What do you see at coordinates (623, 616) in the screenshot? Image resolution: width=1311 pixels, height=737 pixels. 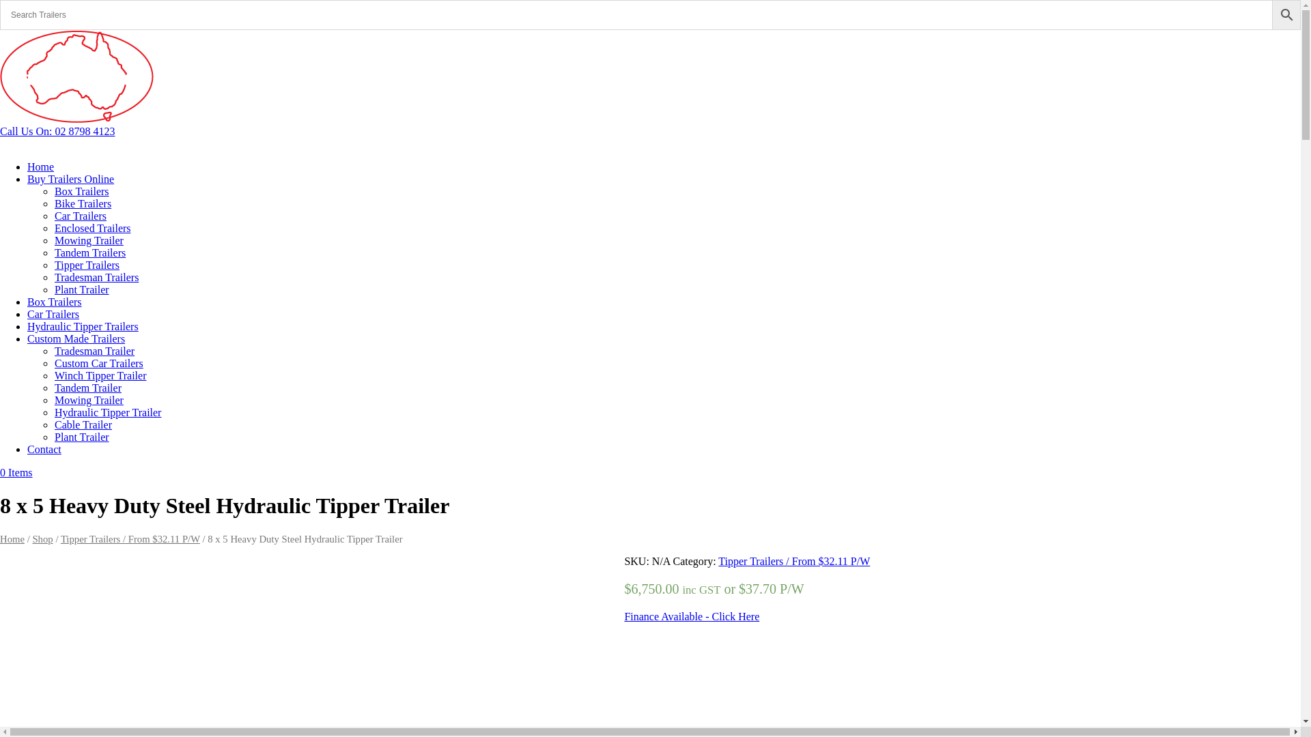 I see `'Finance Available - Click Here'` at bounding box center [623, 616].